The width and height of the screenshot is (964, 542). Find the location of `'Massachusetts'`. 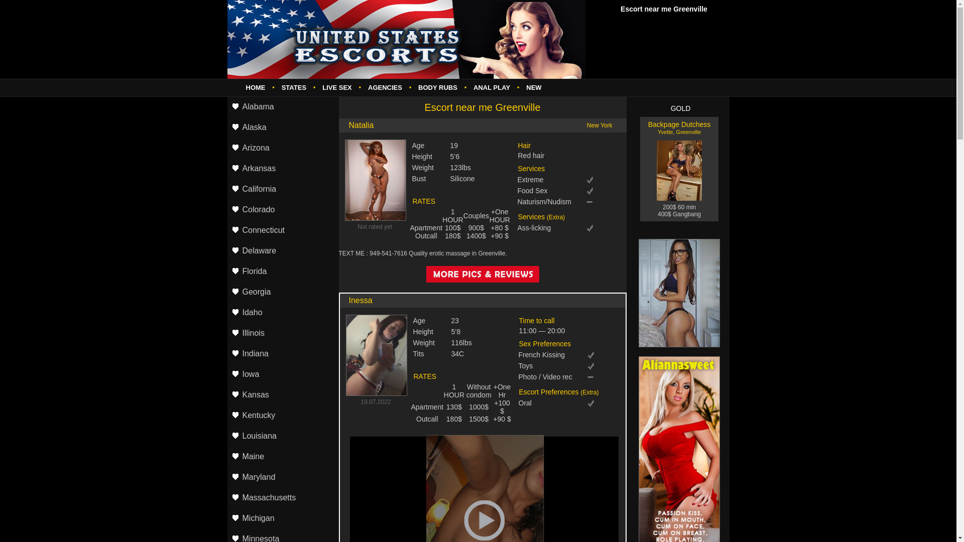

'Massachusetts' is located at coordinates (281, 498).